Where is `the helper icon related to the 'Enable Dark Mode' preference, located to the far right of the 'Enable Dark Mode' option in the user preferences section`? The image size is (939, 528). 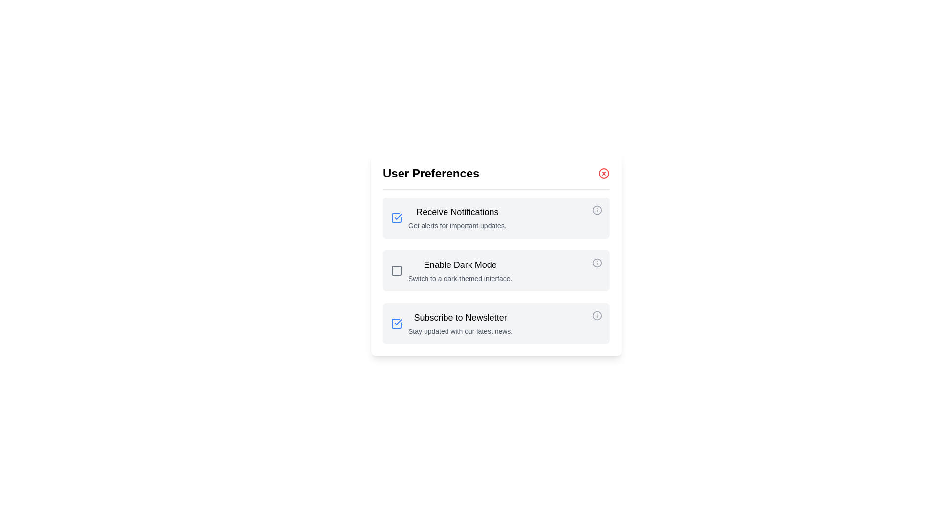 the helper icon related to the 'Enable Dark Mode' preference, located to the far right of the 'Enable Dark Mode' option in the user preferences section is located at coordinates (596, 262).